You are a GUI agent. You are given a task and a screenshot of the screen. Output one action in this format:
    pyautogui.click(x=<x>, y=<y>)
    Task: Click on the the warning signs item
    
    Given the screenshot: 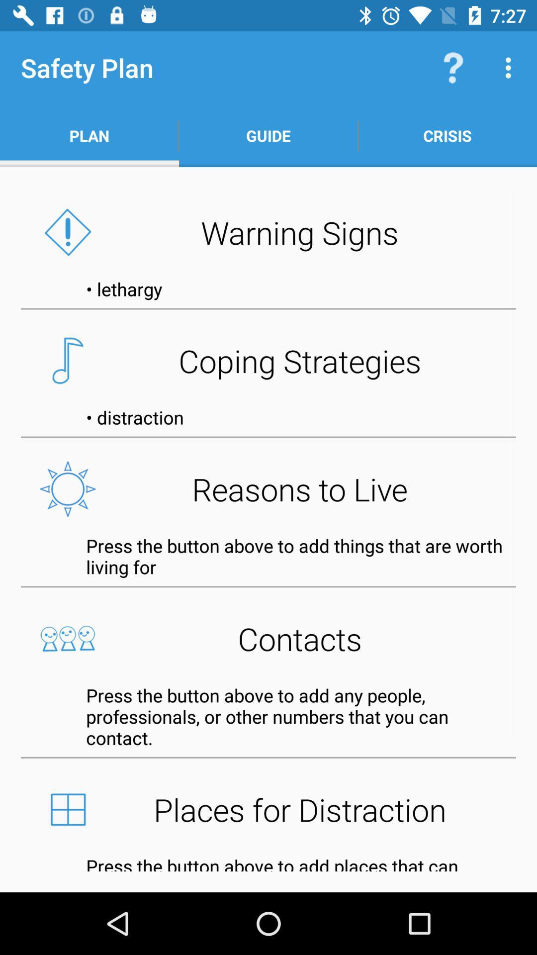 What is the action you would take?
    pyautogui.click(x=268, y=232)
    